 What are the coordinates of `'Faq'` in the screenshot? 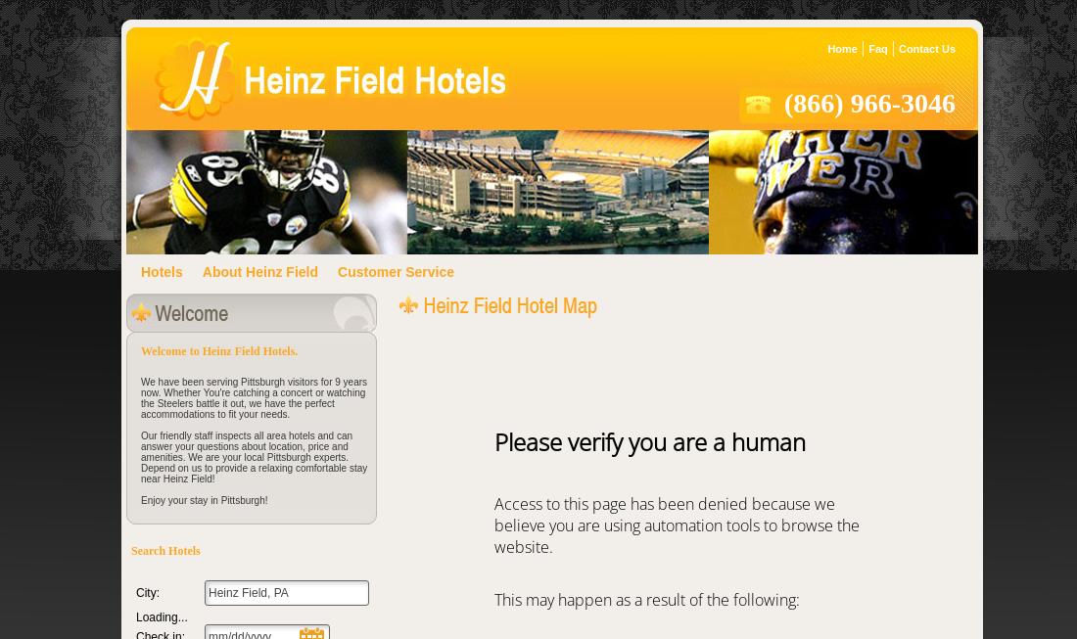 It's located at (877, 49).